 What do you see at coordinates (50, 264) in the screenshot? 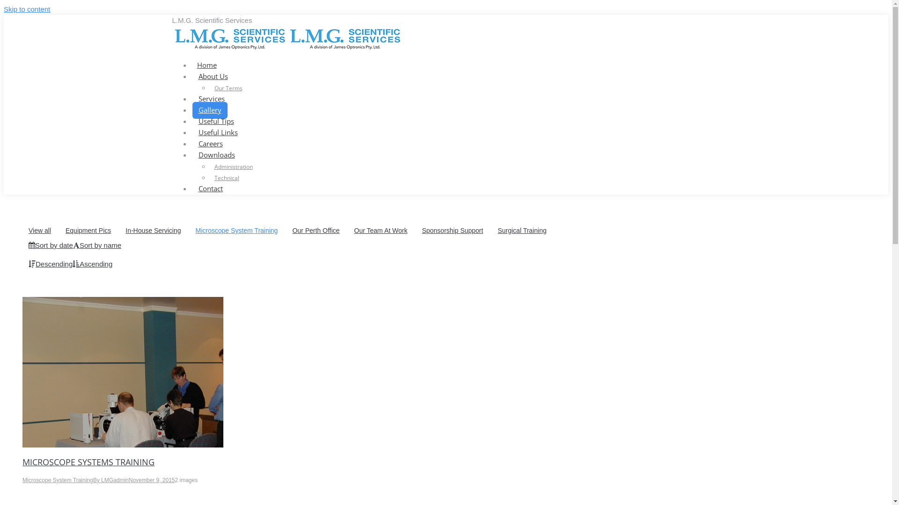
I see `'Descending'` at bounding box center [50, 264].